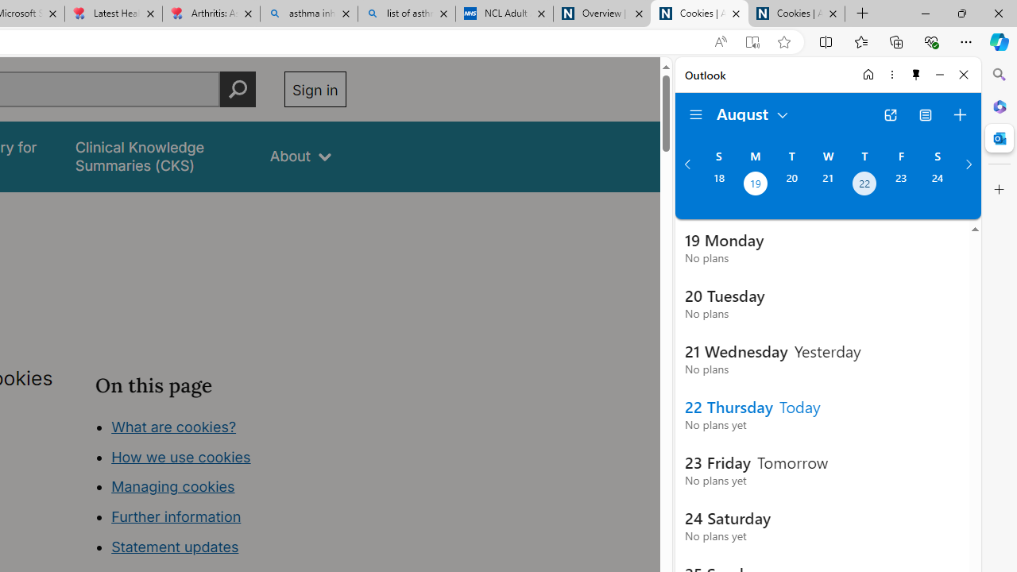  Describe the element at coordinates (832, 14) in the screenshot. I see `'Close tab'` at that location.